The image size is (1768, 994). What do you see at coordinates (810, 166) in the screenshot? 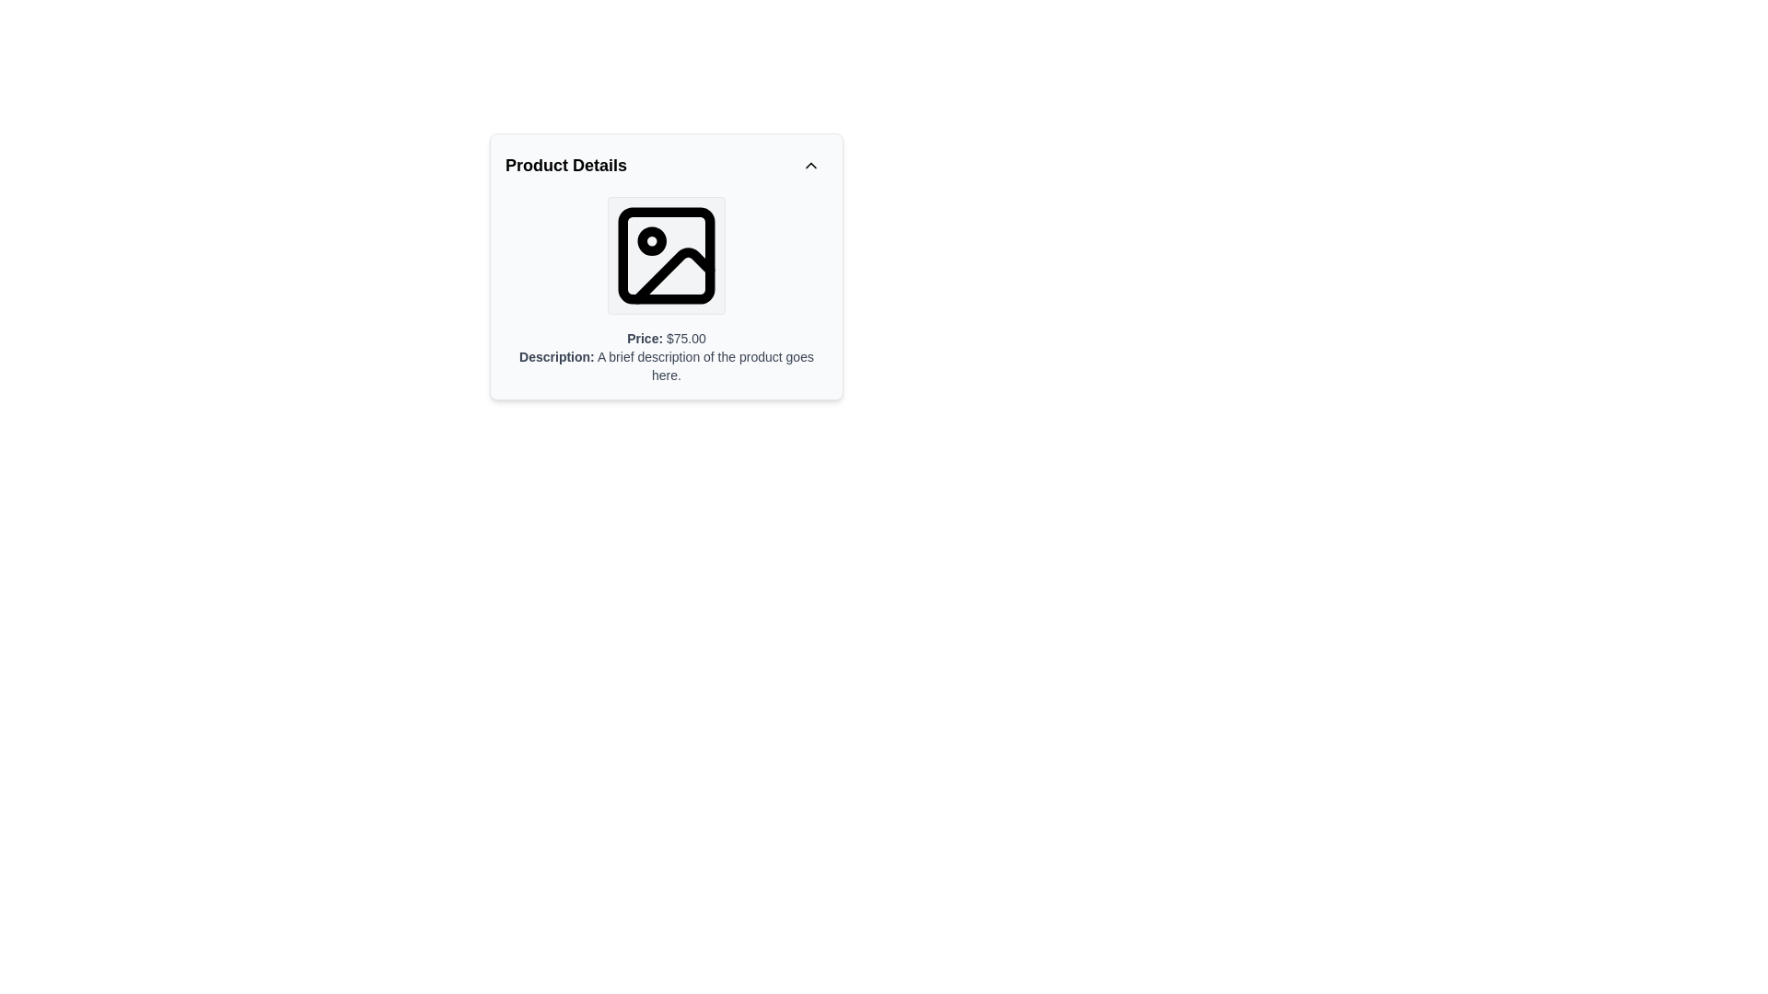
I see `the upward-pointing chevron button located at the top-right corner of the 'Product Details' section` at bounding box center [810, 166].